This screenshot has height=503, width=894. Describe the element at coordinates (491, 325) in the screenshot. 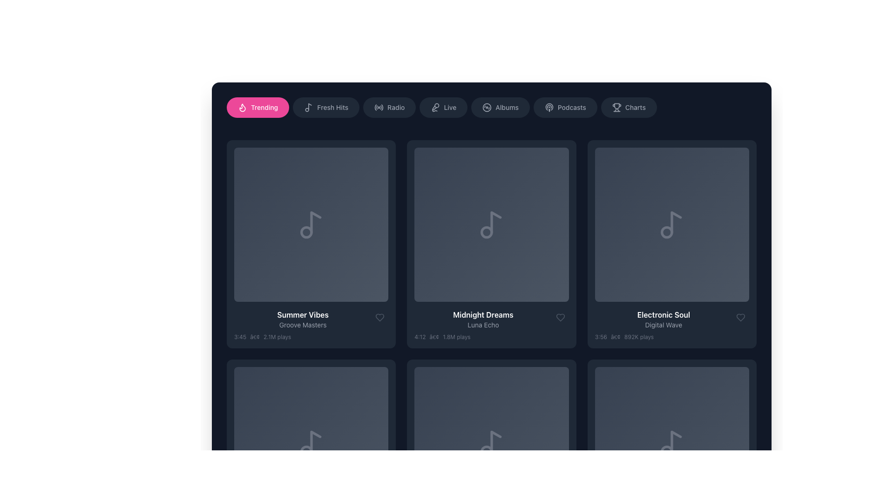

I see `the content of the text block that provides information about the music track titled 'Midnight Dreams', located near the bottom of the music card in the second column of the grid layout` at that location.